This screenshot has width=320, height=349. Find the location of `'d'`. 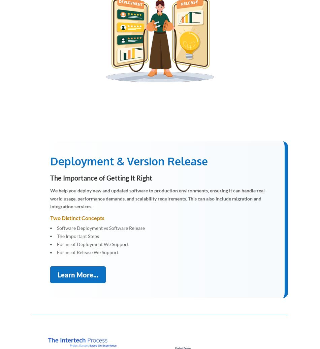

'd' is located at coordinates (171, 39).